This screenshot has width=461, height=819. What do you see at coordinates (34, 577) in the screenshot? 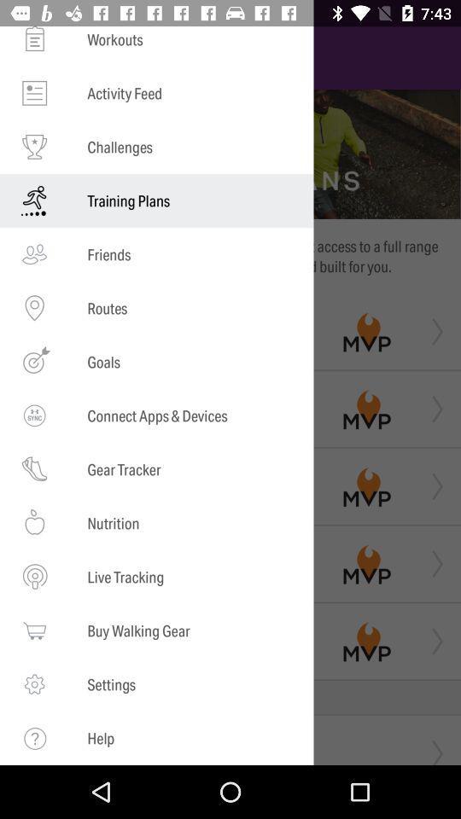
I see `the icon which is left to the text live tracking` at bounding box center [34, 577].